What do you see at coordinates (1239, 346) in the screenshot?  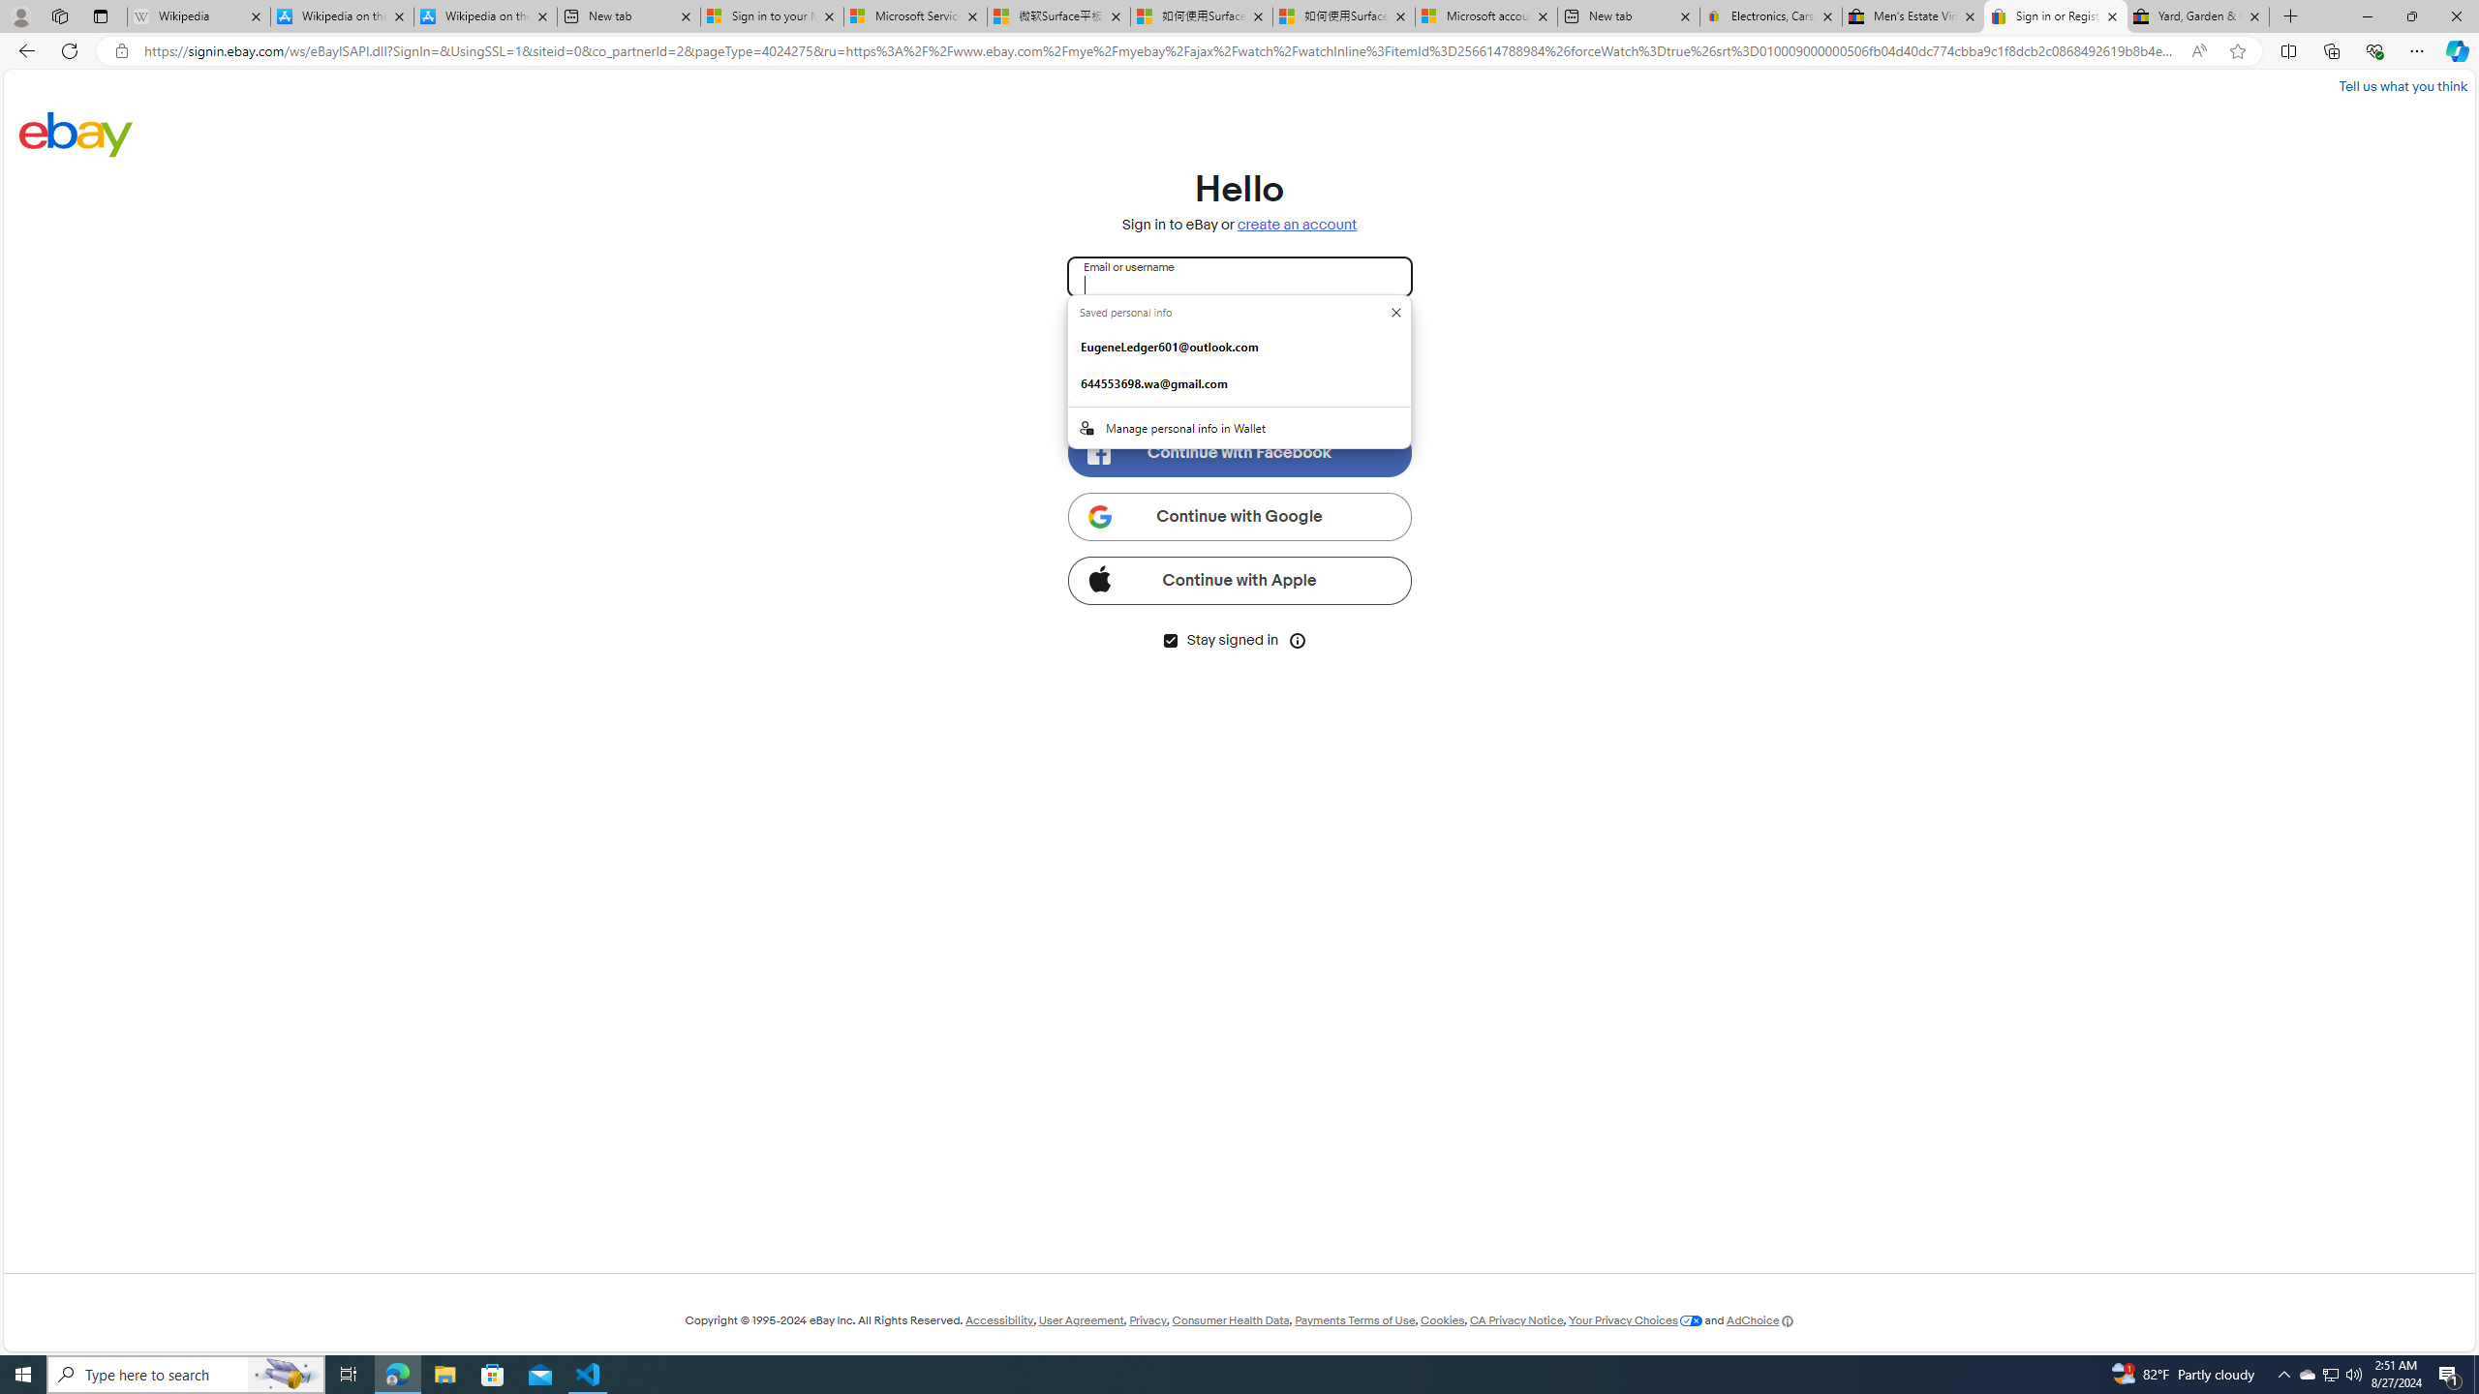 I see `'EugeneLedger601@outlook.com. :Basic info suggestion.'` at bounding box center [1239, 346].